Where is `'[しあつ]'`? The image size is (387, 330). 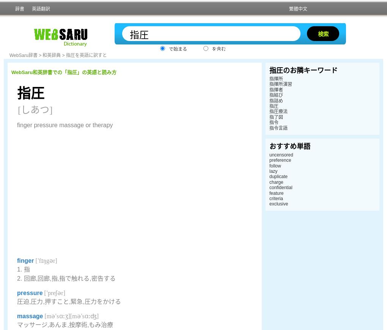 '[しあつ]' is located at coordinates (35, 109).